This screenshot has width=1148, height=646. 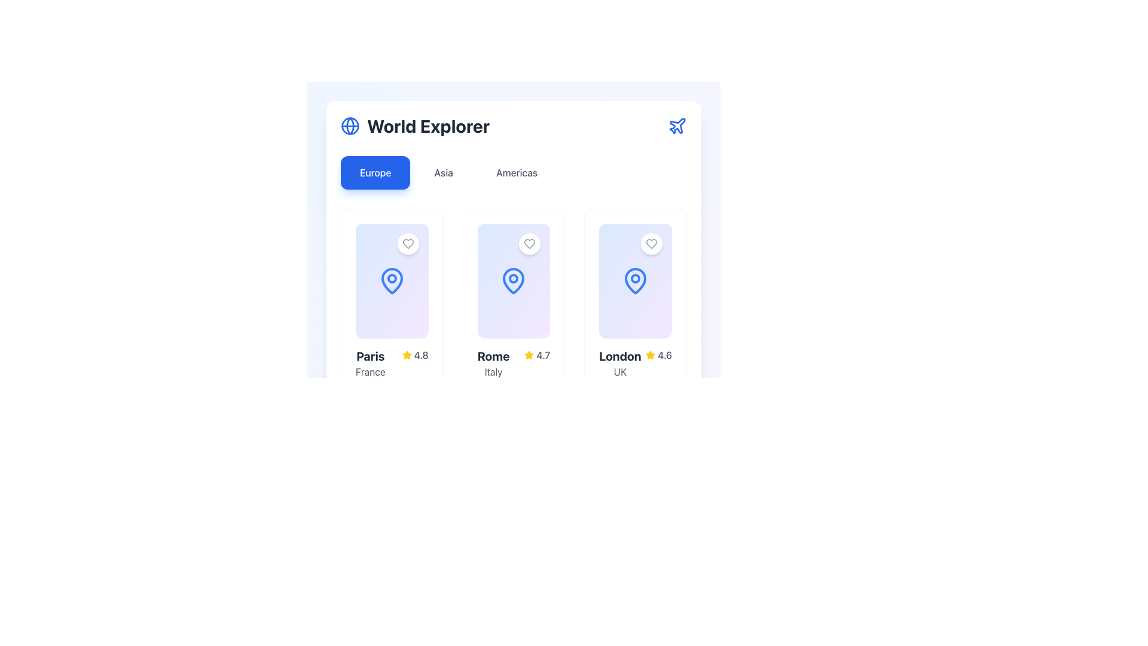 What do you see at coordinates (635, 336) in the screenshot?
I see `the third card from the left in a horizontally aligned grid that provides an overview of a featured location, including its name, country, and rating` at bounding box center [635, 336].